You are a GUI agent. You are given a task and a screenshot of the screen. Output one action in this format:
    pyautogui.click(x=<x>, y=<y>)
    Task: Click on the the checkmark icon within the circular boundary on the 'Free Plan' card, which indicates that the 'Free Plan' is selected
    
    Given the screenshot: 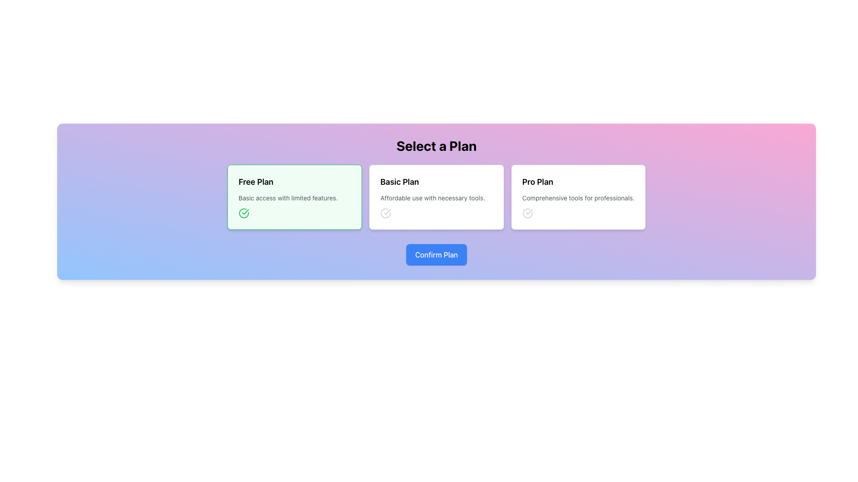 What is the action you would take?
    pyautogui.click(x=244, y=213)
    